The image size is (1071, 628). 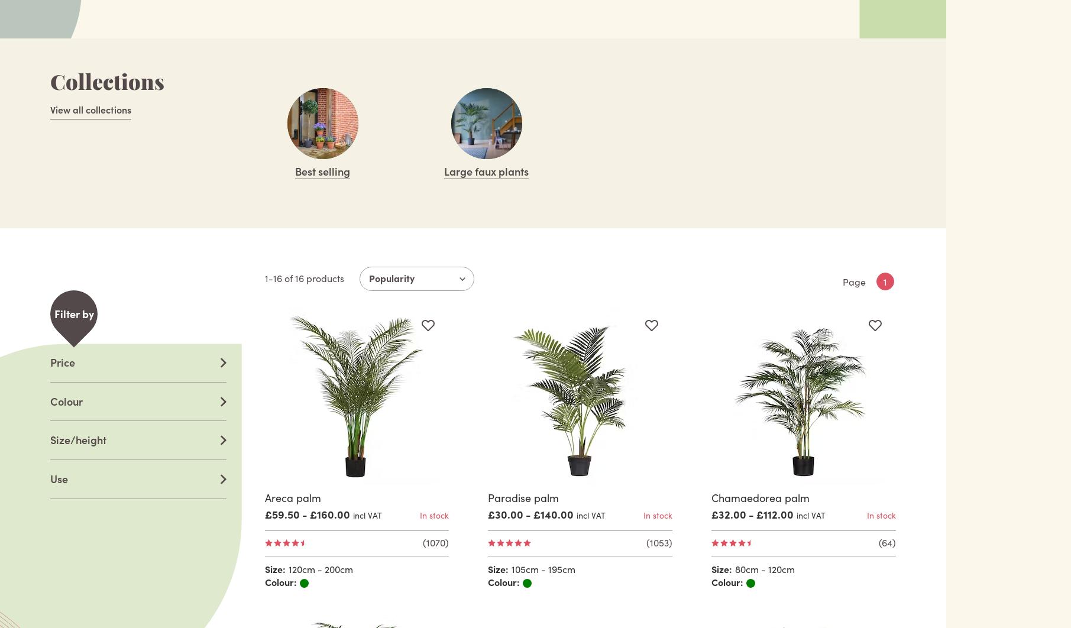 I want to click on 'Collections', so click(x=106, y=83).